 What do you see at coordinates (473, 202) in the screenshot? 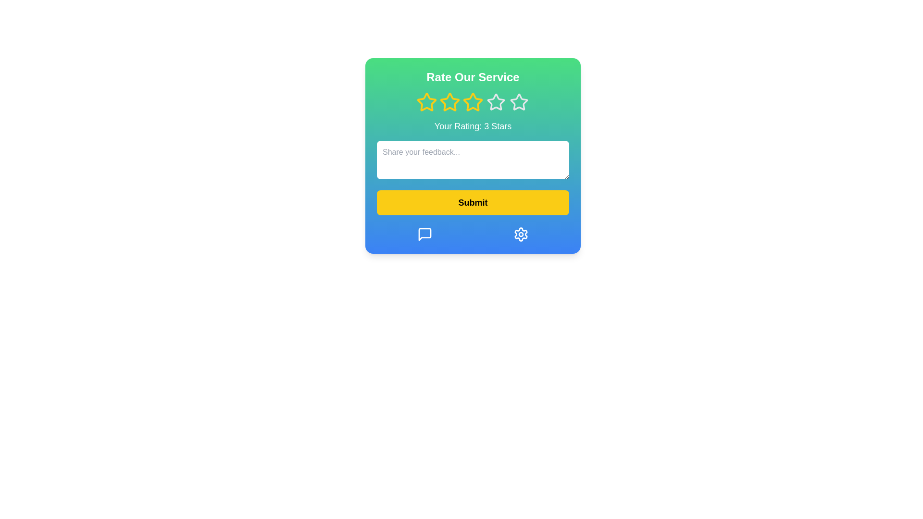
I see `the submit button located at the bottom of the feedback form to observe the hover effects` at bounding box center [473, 202].